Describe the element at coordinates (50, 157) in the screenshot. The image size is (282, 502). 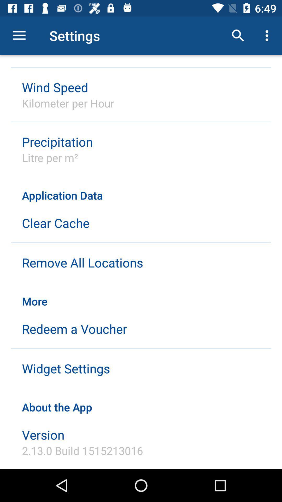
I see `the icon below precipitation icon` at that location.